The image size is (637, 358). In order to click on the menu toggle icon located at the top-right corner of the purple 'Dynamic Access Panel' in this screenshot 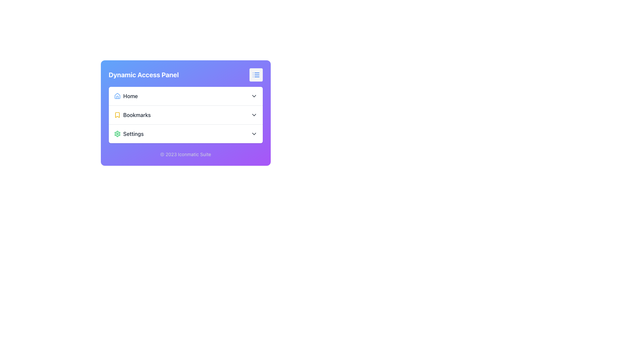, I will do `click(255, 75)`.